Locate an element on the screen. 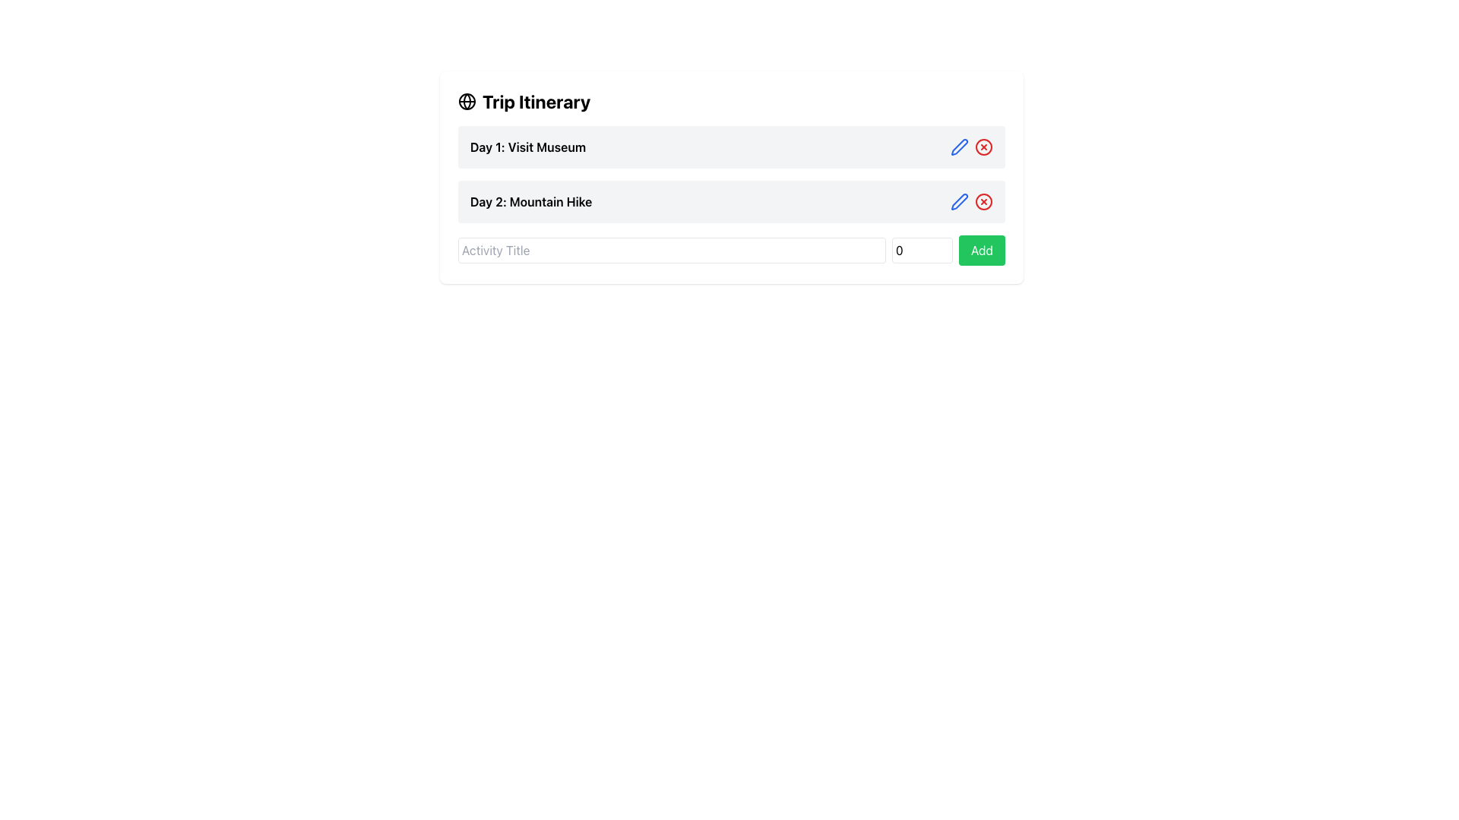 The width and height of the screenshot is (1459, 820). the delete button located at the top-right corner of the 'Day 1: Visit Museum' row is located at coordinates (984, 147).